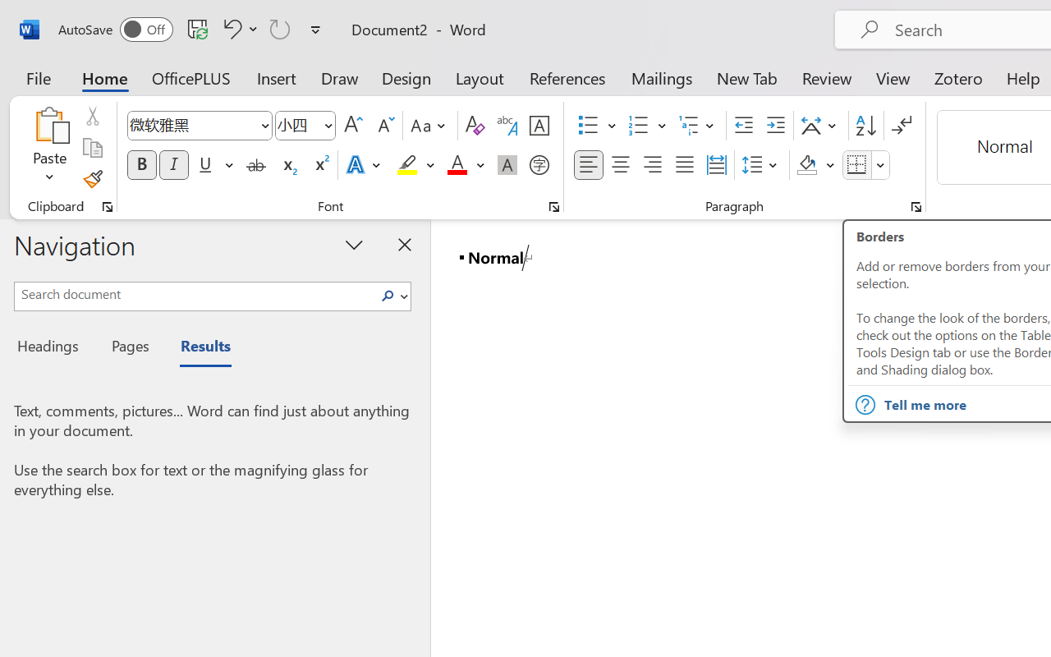 Image resolution: width=1051 pixels, height=657 pixels. I want to click on 'Bold', so click(141, 165).